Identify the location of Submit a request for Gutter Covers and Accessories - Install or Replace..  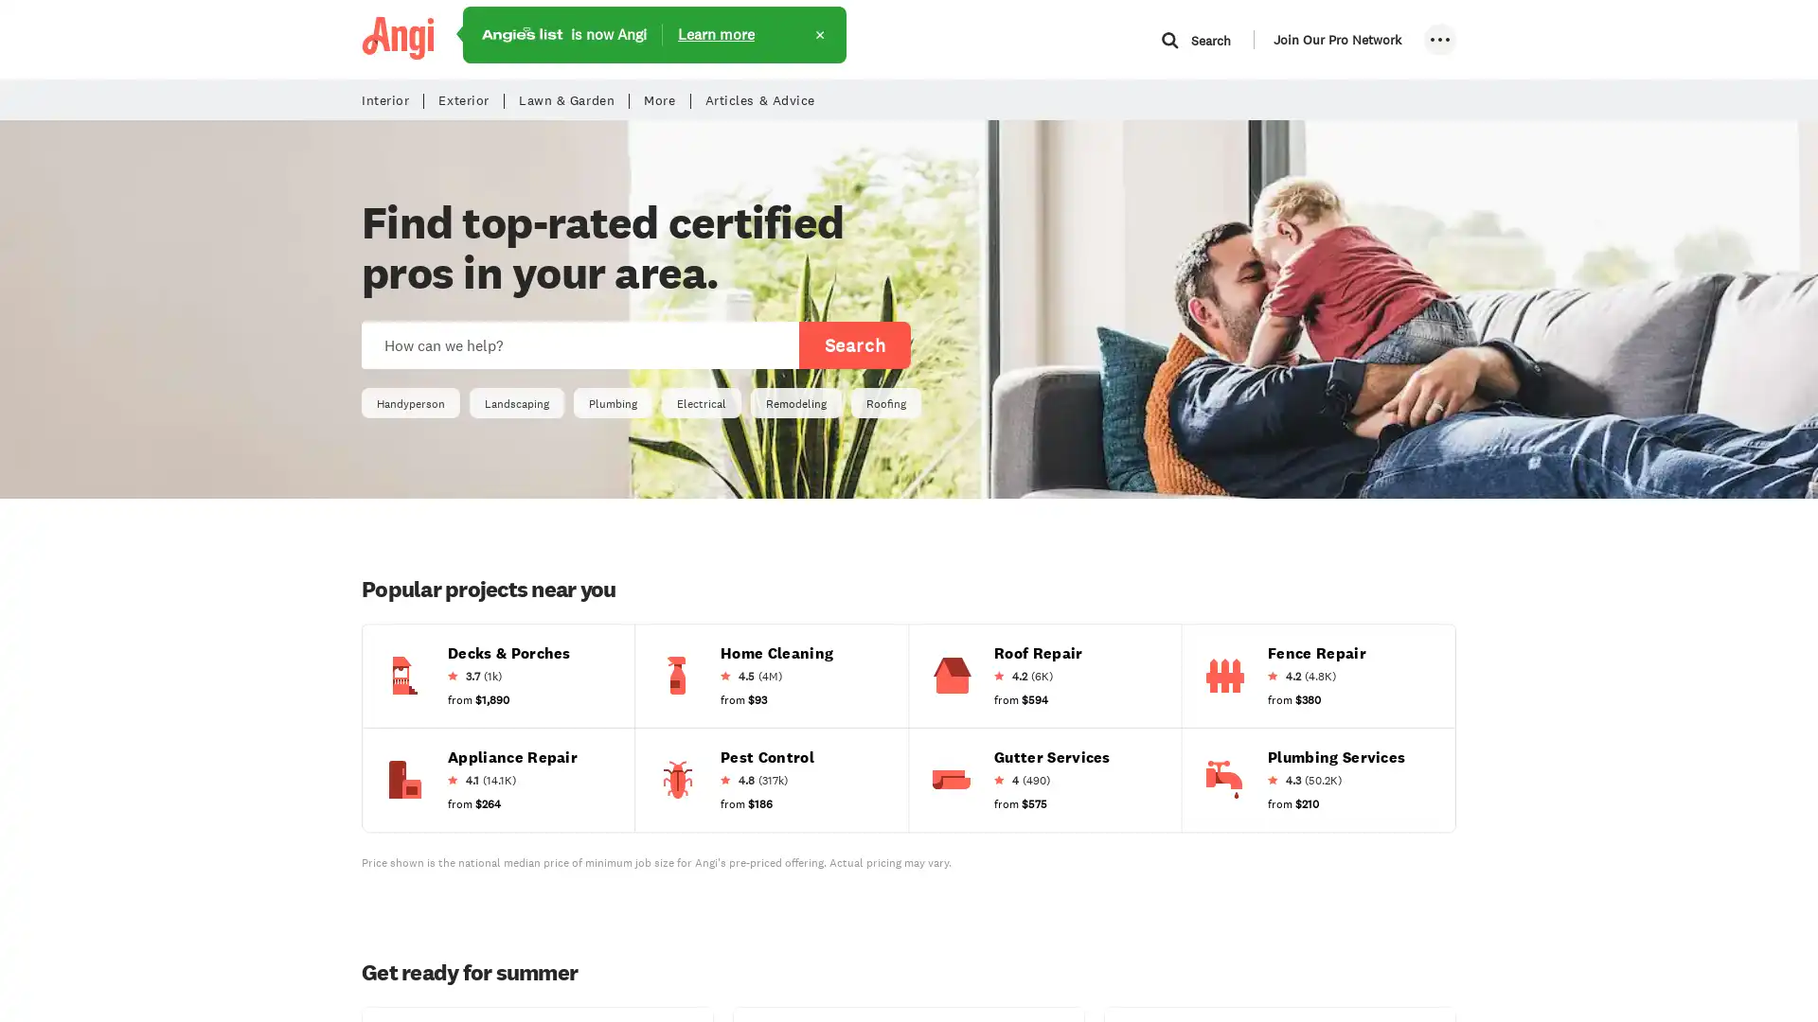
(1050, 748).